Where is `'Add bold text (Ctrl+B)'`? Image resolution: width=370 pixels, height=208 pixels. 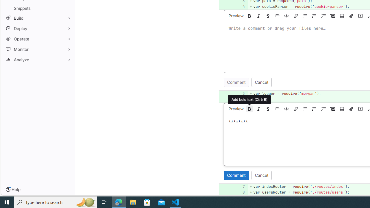
'Add bold text (Ctrl+B)' is located at coordinates (249, 99).